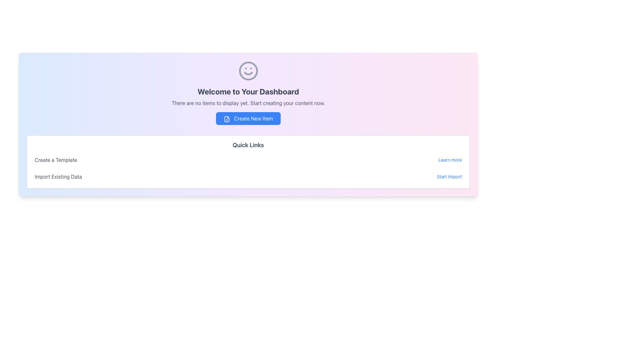 The height and width of the screenshot is (347, 618). Describe the element at coordinates (227, 119) in the screenshot. I see `file icon element within the 'Create New Item' button for debugging purposes` at that location.